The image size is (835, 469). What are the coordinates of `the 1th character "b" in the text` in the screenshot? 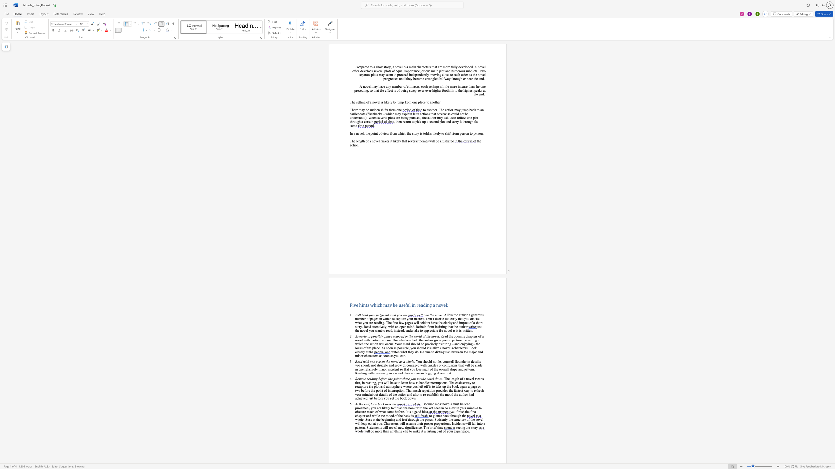 It's located at (425, 373).